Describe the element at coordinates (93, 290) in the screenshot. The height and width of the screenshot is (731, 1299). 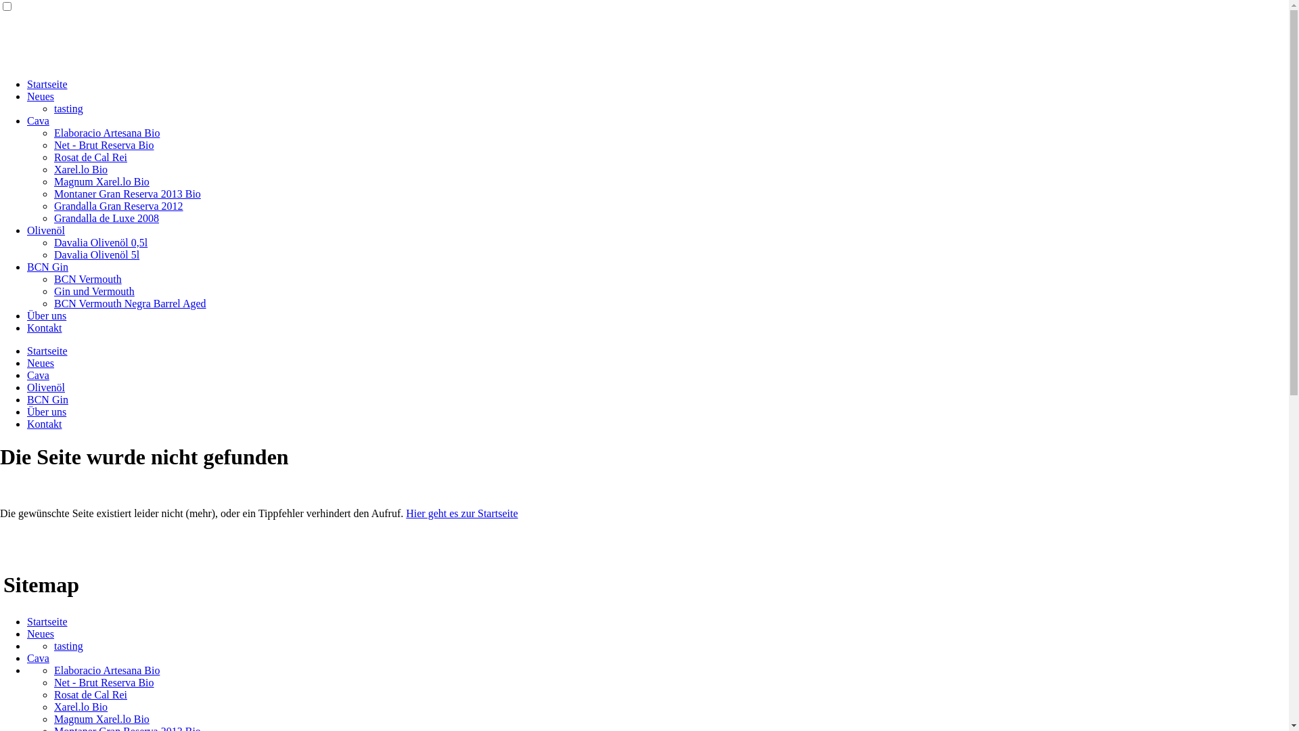
I see `'Gin und Vermouth'` at that location.